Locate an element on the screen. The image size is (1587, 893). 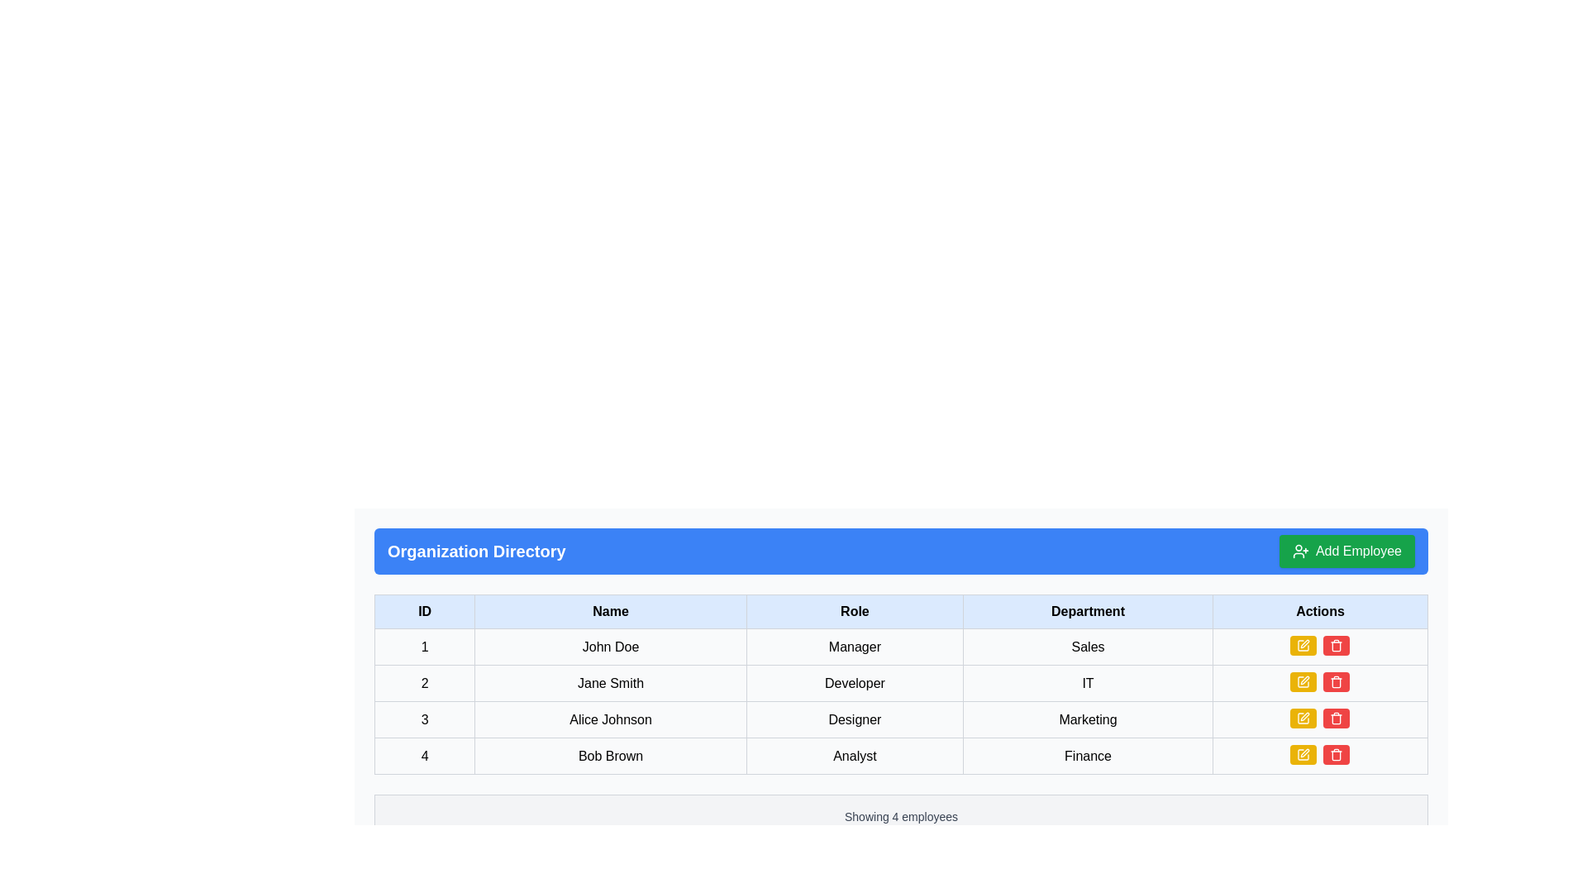
the first row of the tabular display in the 'Organization Directory' containing cells '1', 'John Doe', 'Manager', 'Sales' is located at coordinates (900, 646).